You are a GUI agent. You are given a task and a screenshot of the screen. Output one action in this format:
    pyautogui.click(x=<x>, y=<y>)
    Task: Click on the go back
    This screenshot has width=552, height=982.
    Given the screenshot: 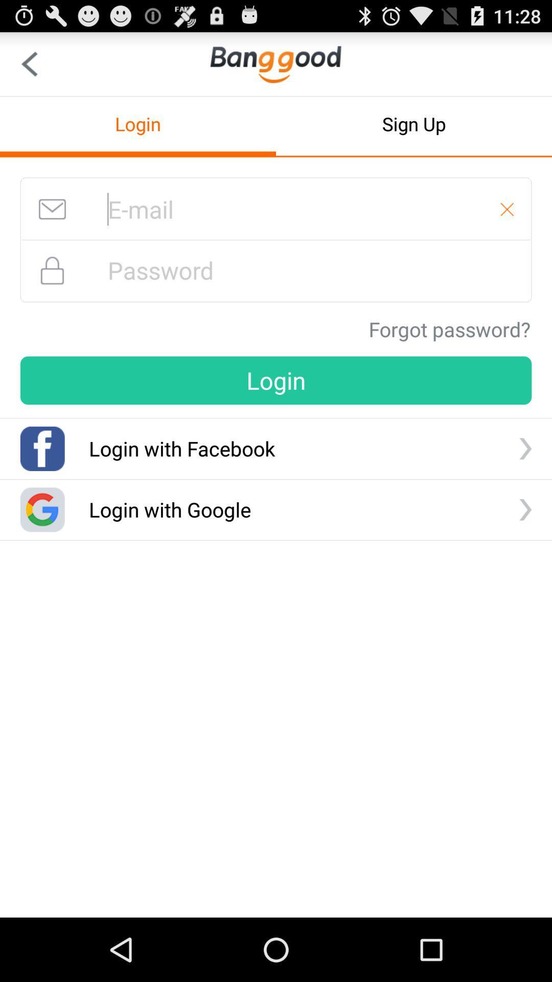 What is the action you would take?
    pyautogui.click(x=29, y=63)
    